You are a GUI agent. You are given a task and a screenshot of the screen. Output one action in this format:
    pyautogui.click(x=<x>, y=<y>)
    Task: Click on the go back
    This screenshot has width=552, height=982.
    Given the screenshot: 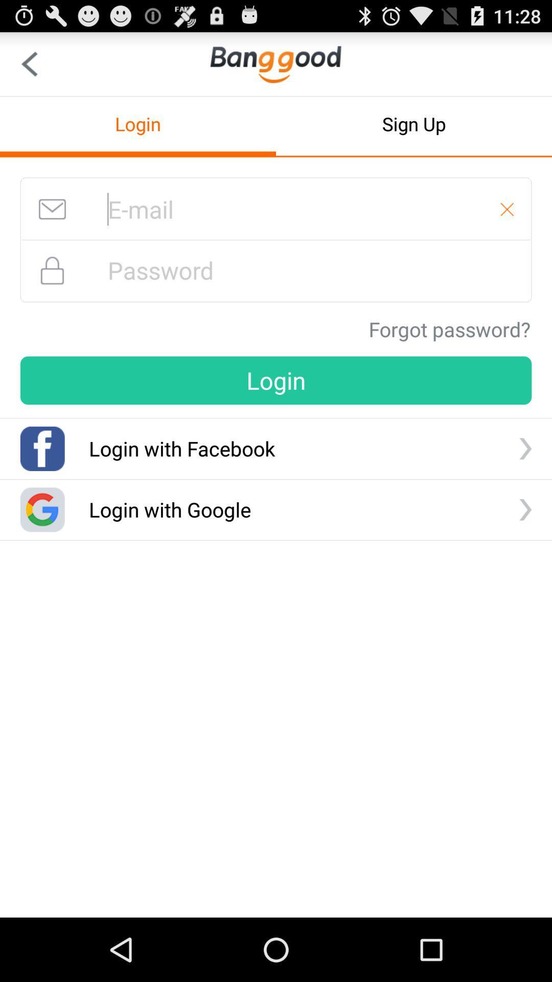 What is the action you would take?
    pyautogui.click(x=29, y=63)
    